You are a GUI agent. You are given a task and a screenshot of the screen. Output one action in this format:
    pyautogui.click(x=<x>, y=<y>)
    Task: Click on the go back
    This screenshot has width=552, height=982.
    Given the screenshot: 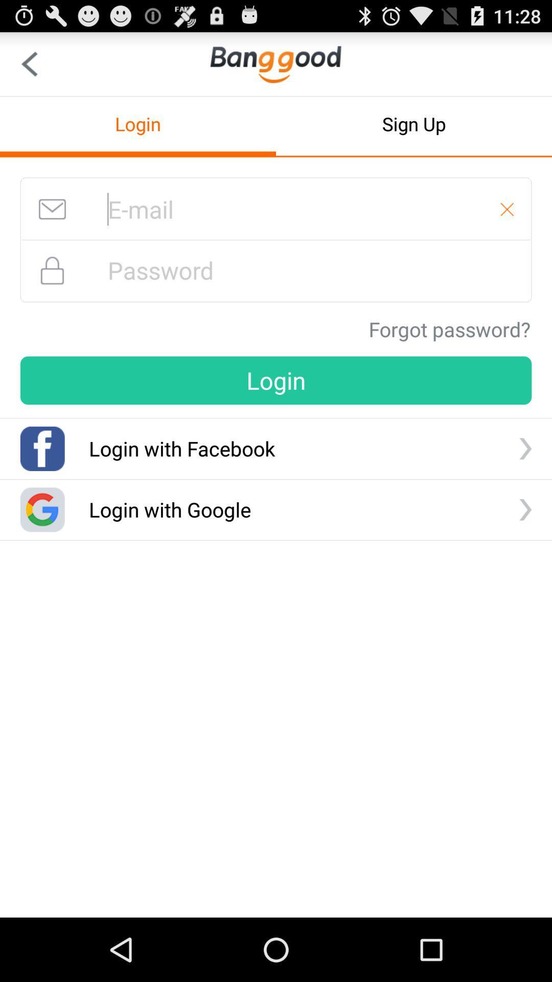 What is the action you would take?
    pyautogui.click(x=29, y=63)
    